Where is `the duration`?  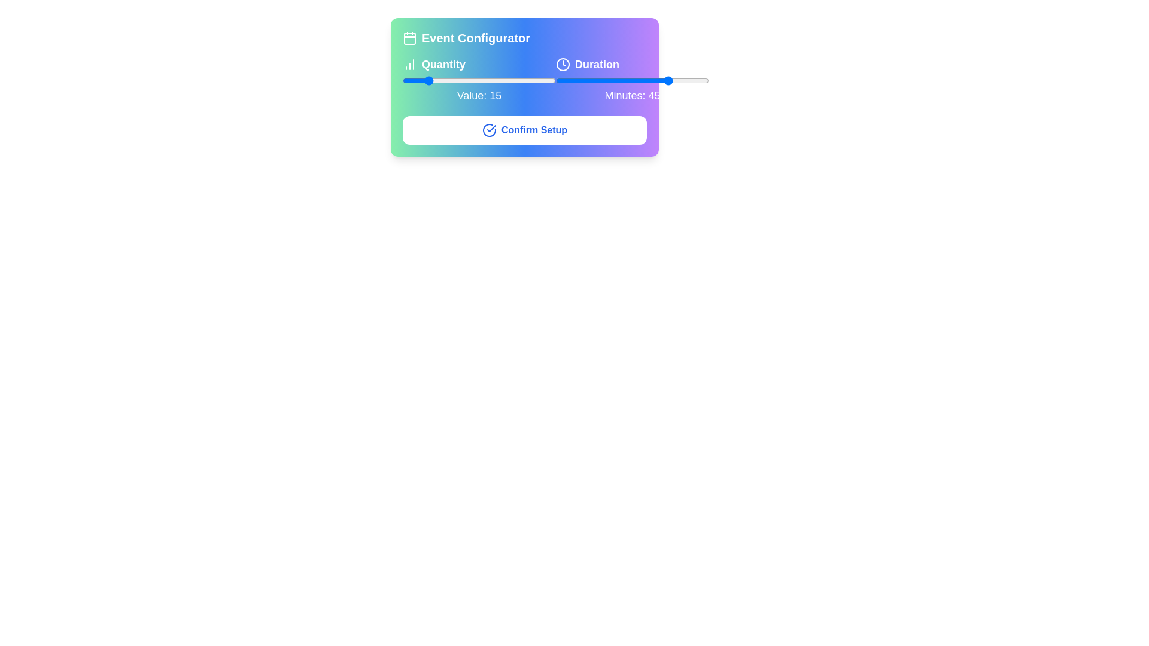
the duration is located at coordinates (570, 81).